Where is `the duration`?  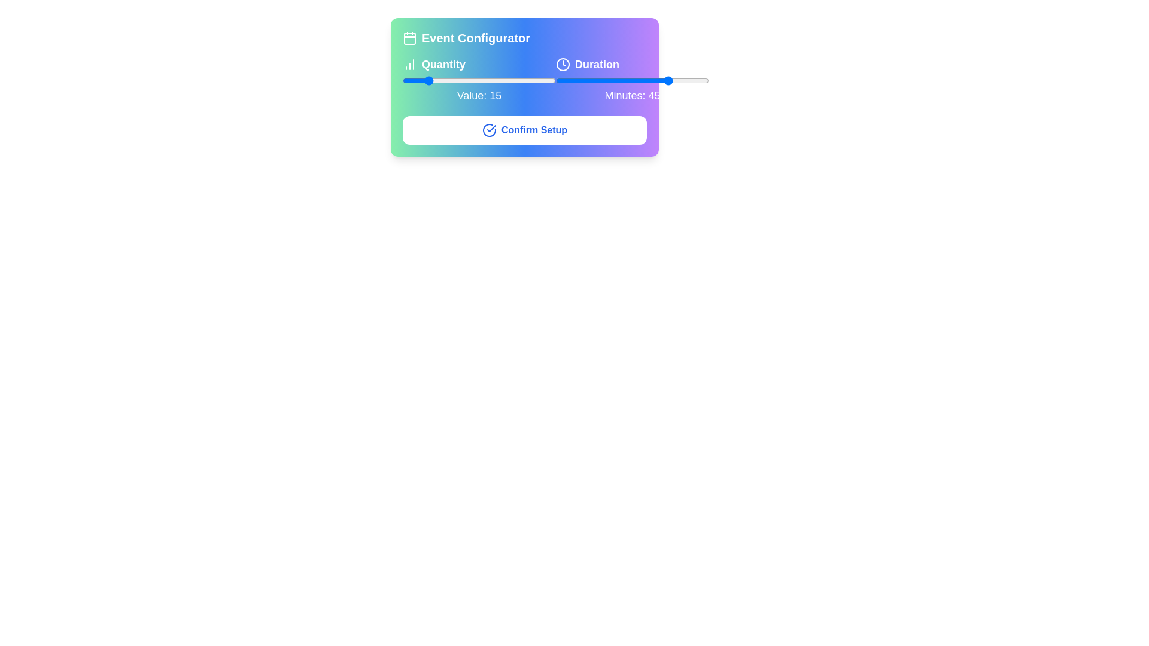
the duration is located at coordinates (570, 81).